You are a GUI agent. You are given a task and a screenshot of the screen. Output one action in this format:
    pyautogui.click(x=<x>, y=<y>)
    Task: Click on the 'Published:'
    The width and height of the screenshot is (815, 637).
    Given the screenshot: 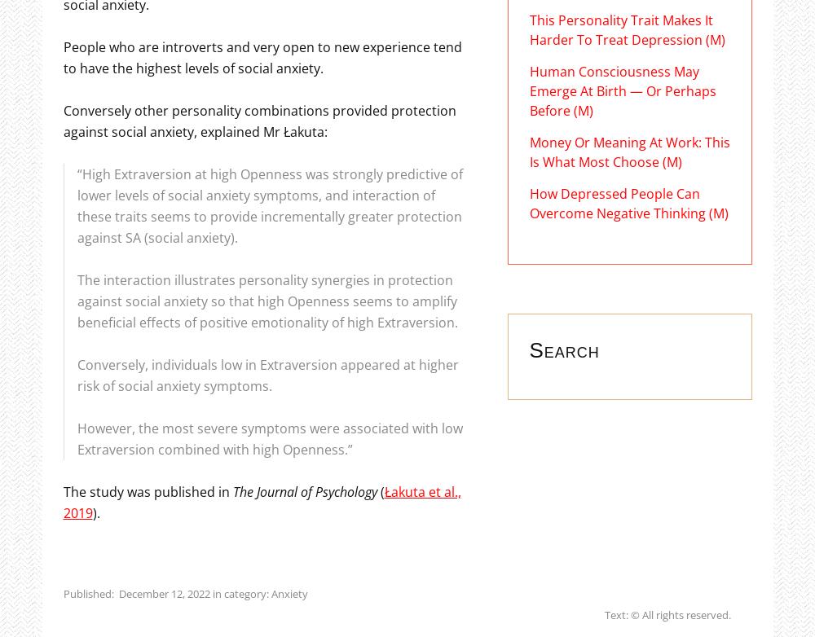 What is the action you would take?
    pyautogui.click(x=62, y=591)
    